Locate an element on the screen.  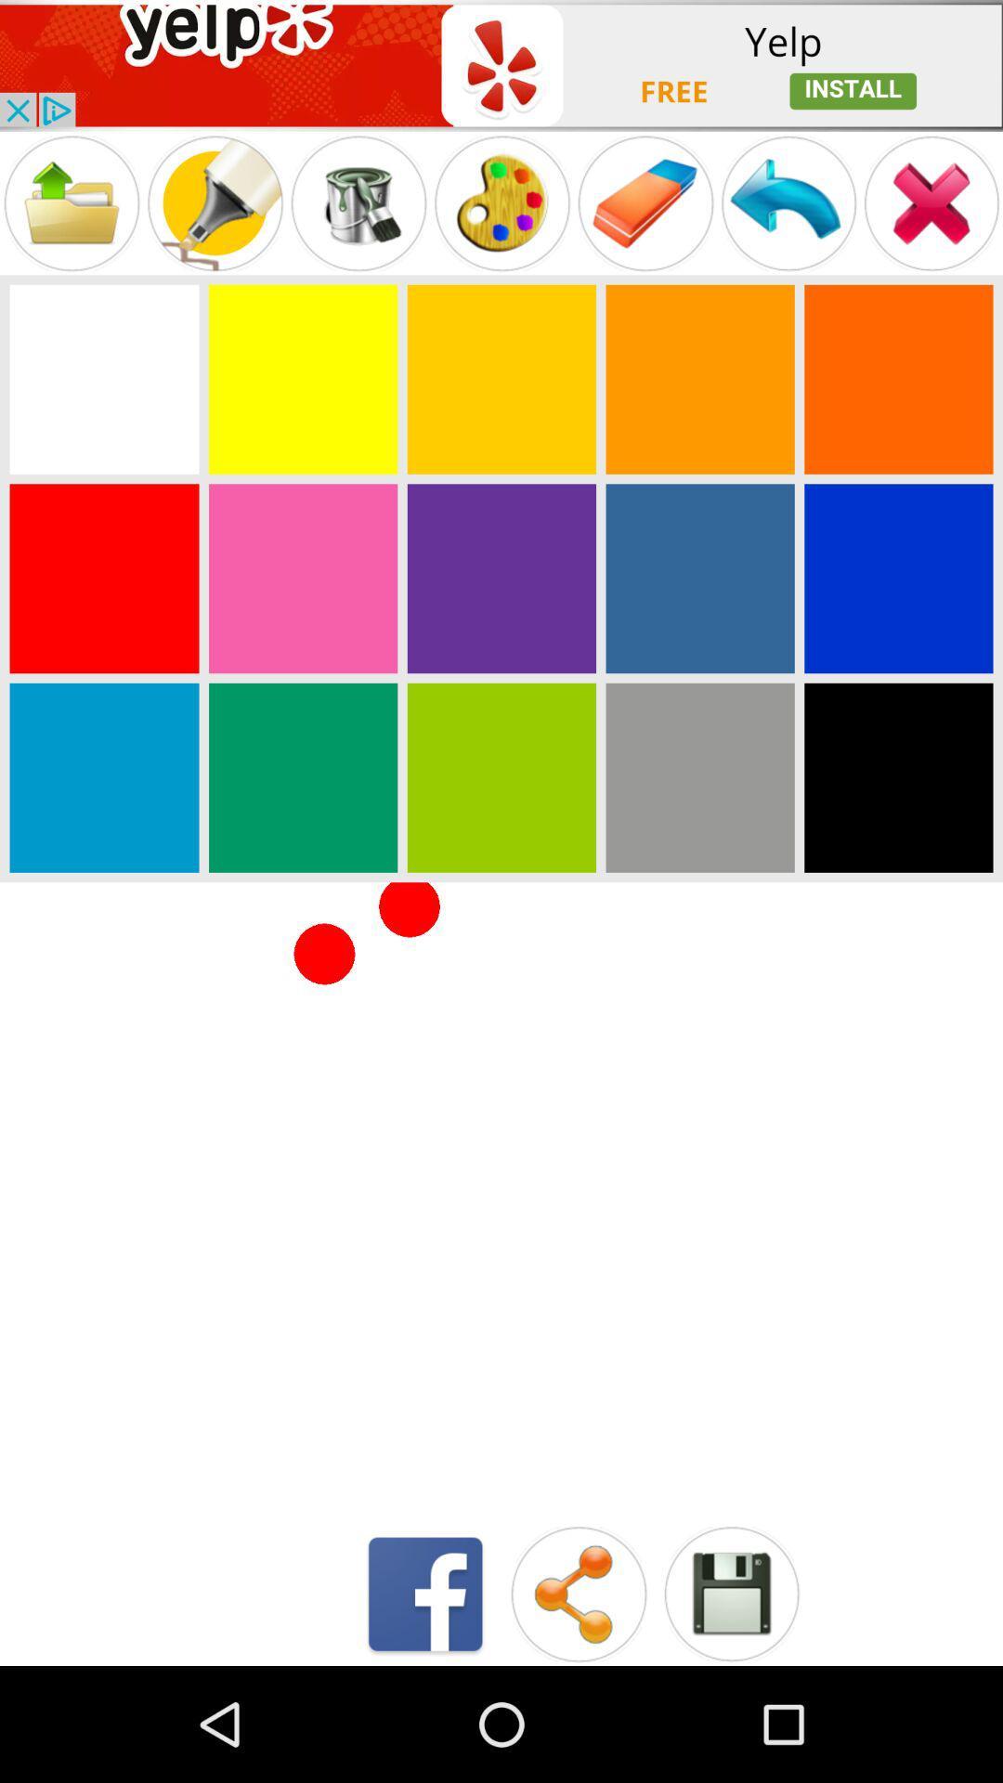
color is located at coordinates (104, 777).